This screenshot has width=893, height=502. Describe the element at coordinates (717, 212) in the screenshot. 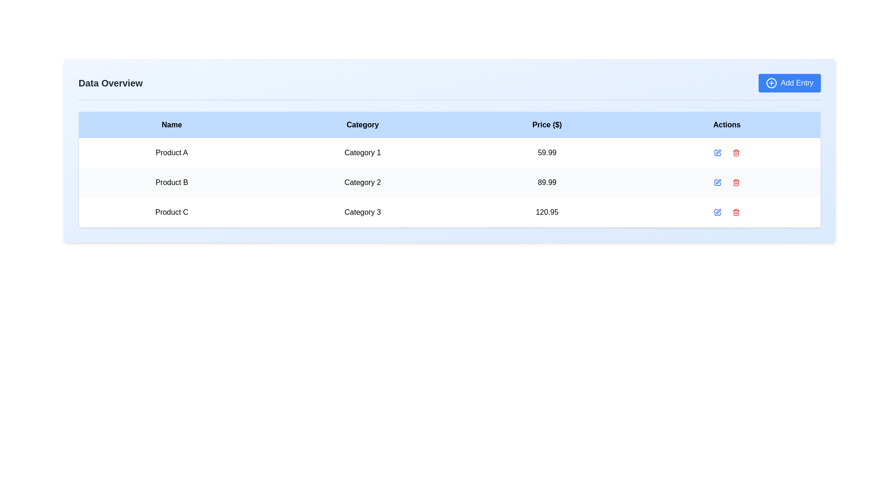

I see `the leftmost outline shape of the edit icon located in the 'Actions' column of the data table` at that location.